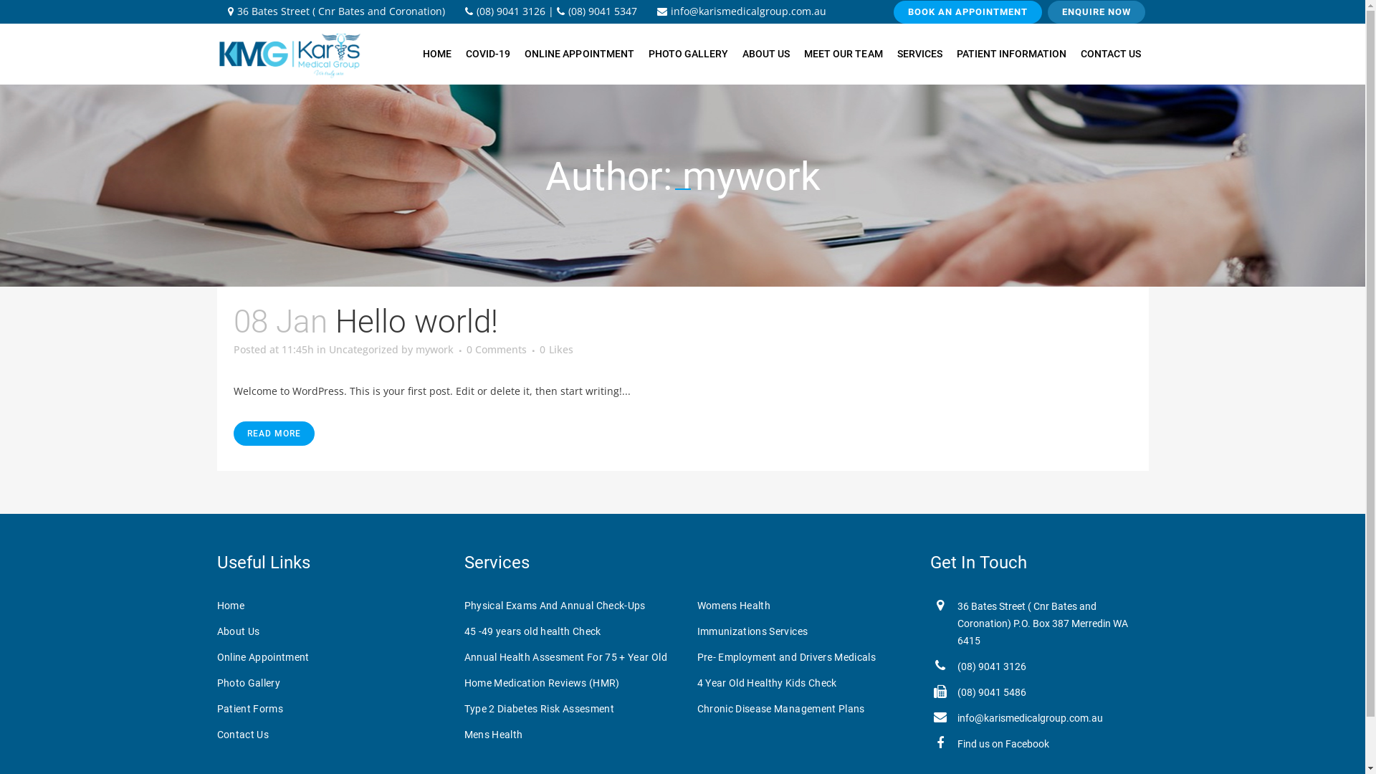 This screenshot has width=1376, height=774. What do you see at coordinates (569, 707) in the screenshot?
I see `'Type 2 Diabetes Risk Assesment'` at bounding box center [569, 707].